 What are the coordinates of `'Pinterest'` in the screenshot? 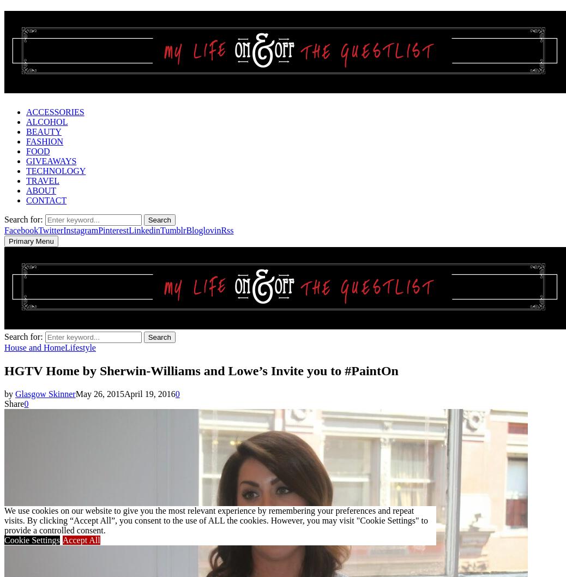 It's located at (113, 230).